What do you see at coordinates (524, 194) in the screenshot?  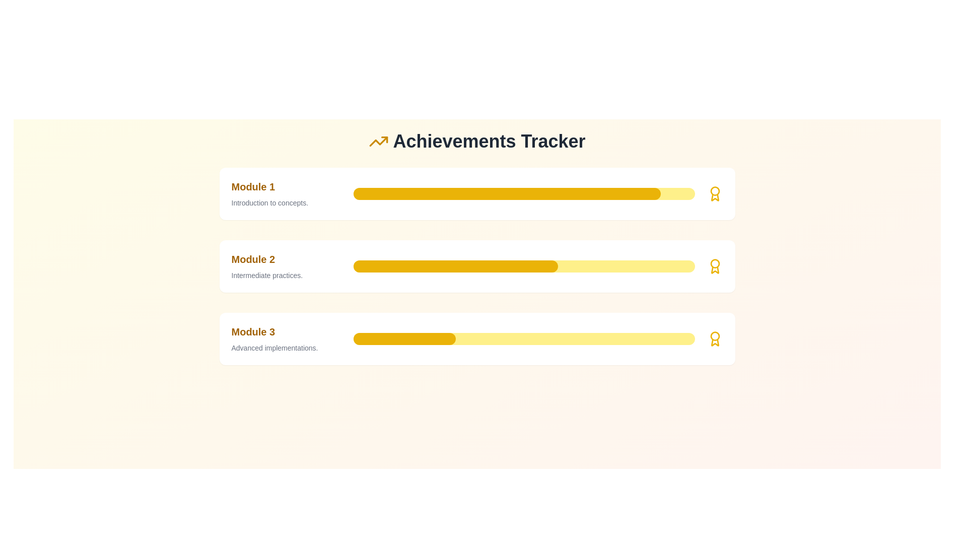 I see `the Progress Bar that visually indicates the completion status of 'Module 1', located beneath the textual description 'Introduction to concepts.'` at bounding box center [524, 194].